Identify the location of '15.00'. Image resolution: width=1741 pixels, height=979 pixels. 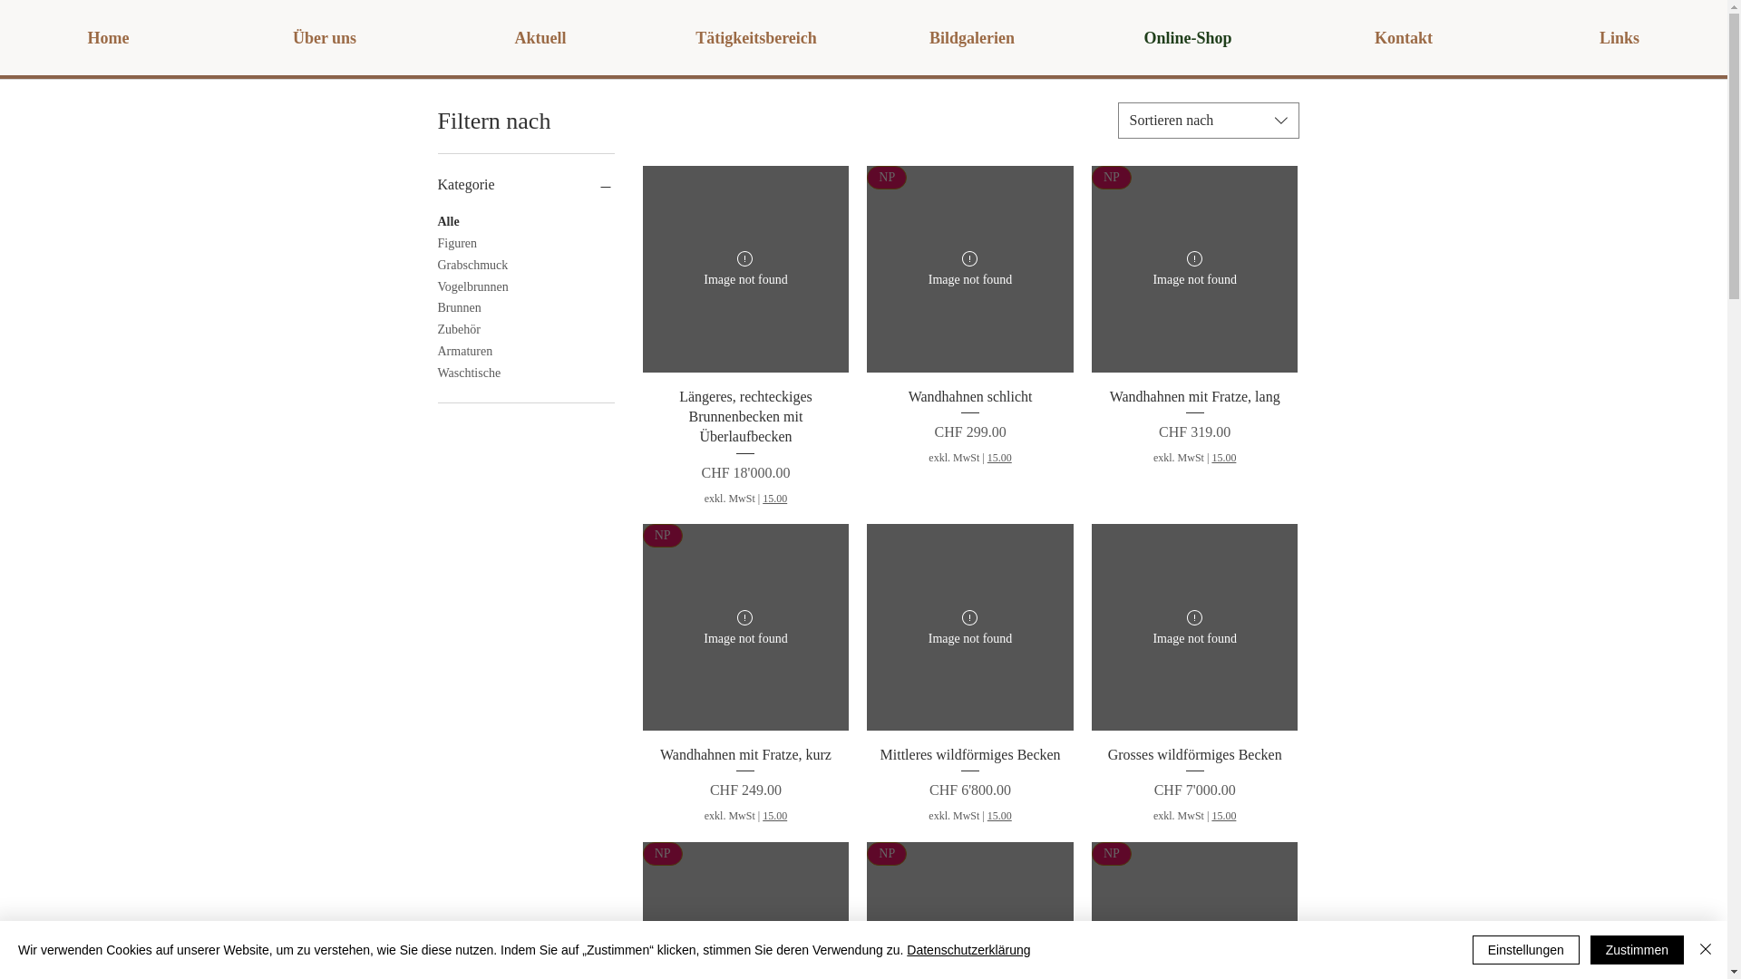
(1223, 457).